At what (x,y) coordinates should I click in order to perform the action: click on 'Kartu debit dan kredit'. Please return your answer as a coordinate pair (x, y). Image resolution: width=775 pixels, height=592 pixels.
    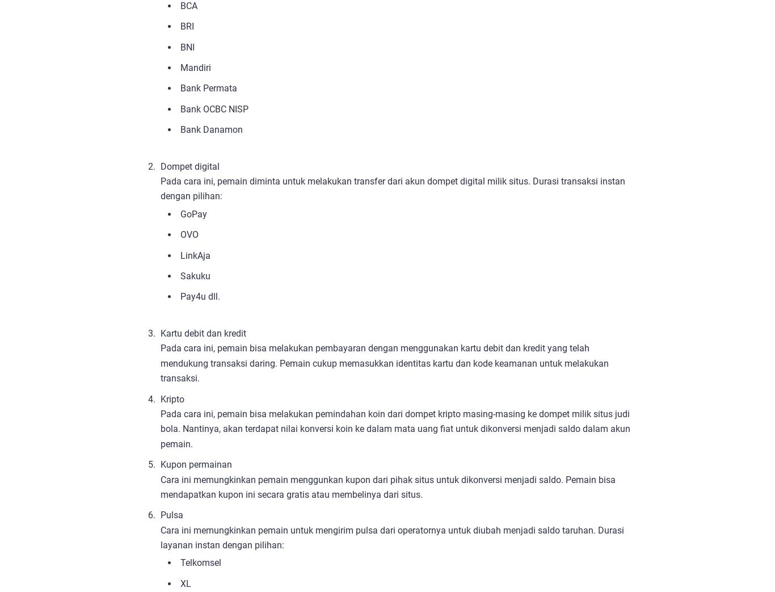
    Looking at the image, I should click on (203, 333).